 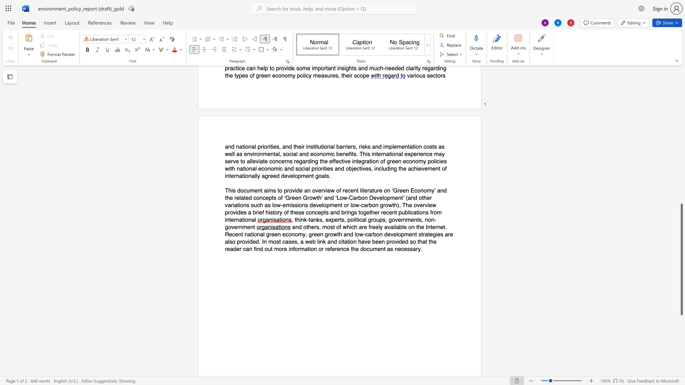 What do you see at coordinates (681, 107) in the screenshot?
I see `the scrollbar on the right to move the page upward` at bounding box center [681, 107].